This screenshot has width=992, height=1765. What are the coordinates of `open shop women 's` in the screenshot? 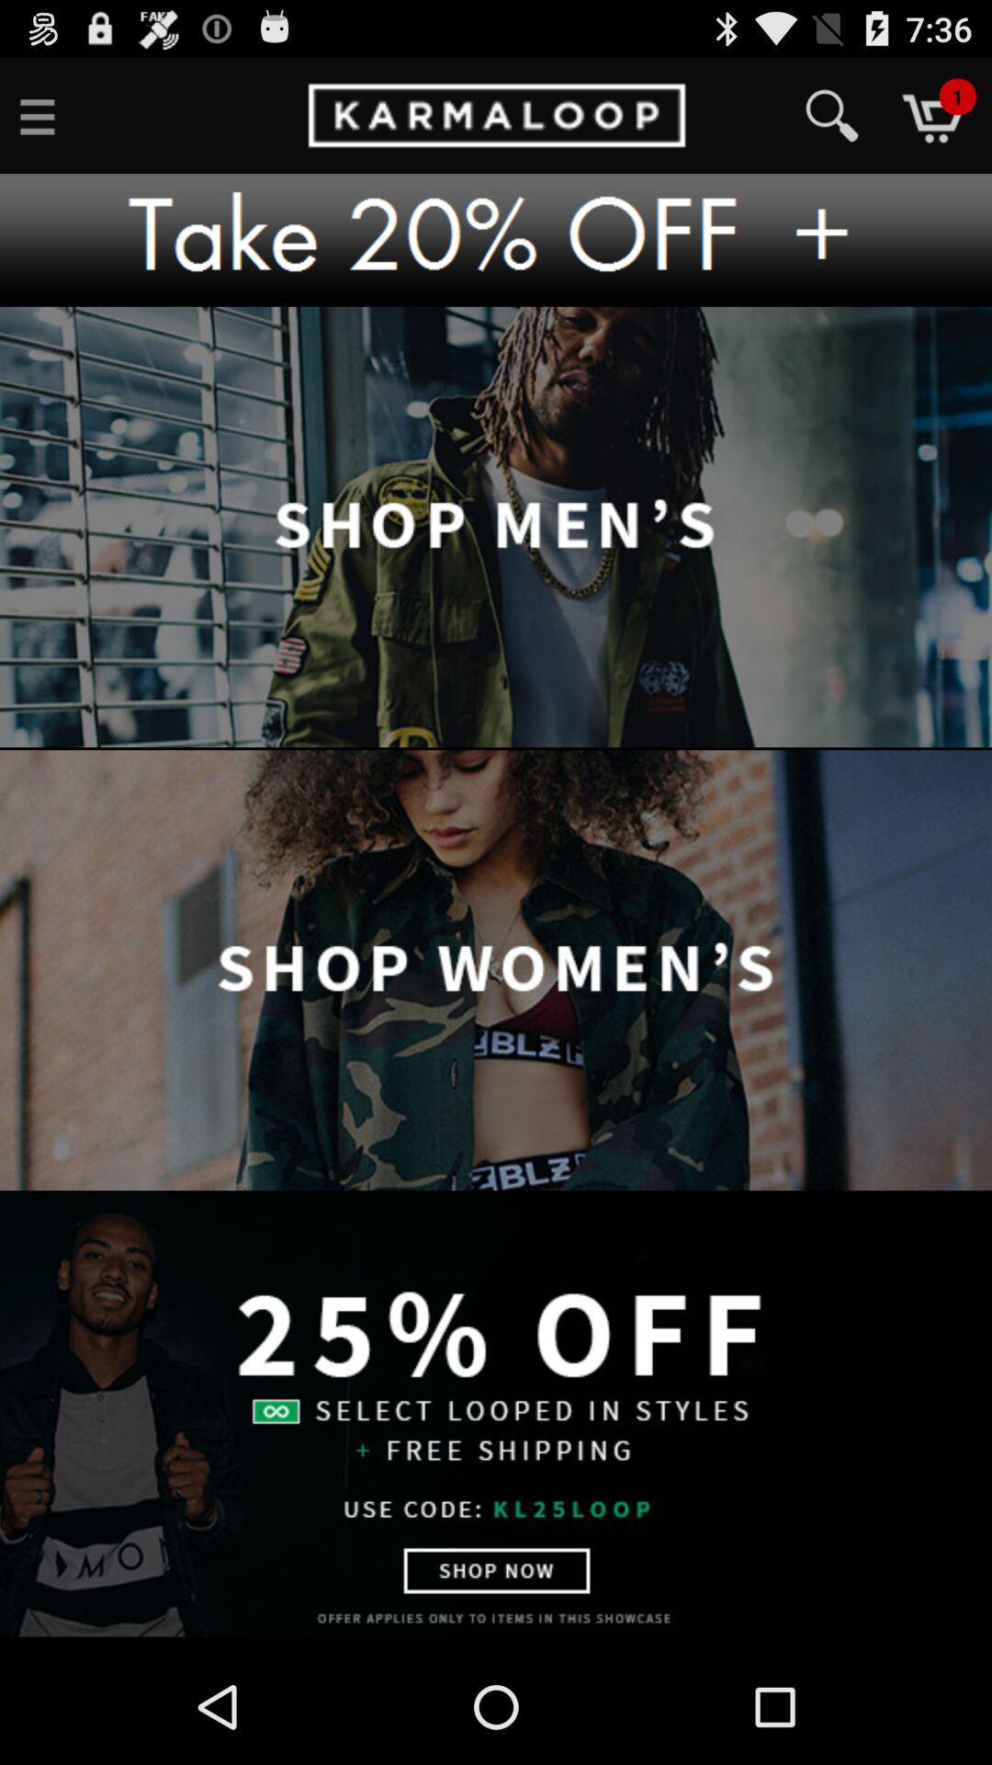 It's located at (496, 971).